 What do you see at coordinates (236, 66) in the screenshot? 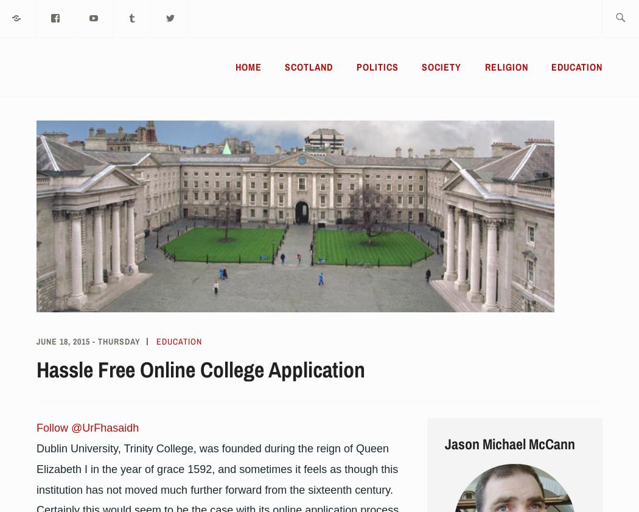
I see `'Home'` at bounding box center [236, 66].